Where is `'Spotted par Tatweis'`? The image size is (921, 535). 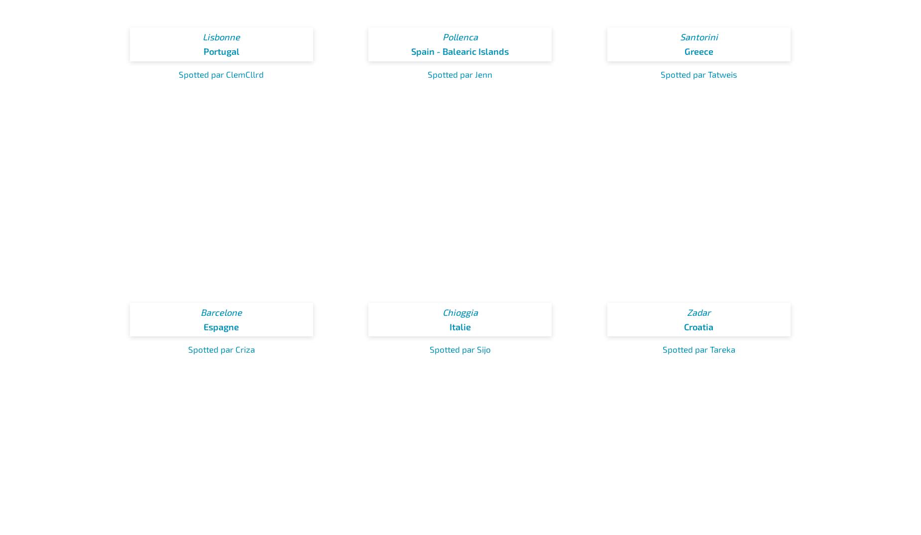
'Spotted par Tatweis' is located at coordinates (698, 73).